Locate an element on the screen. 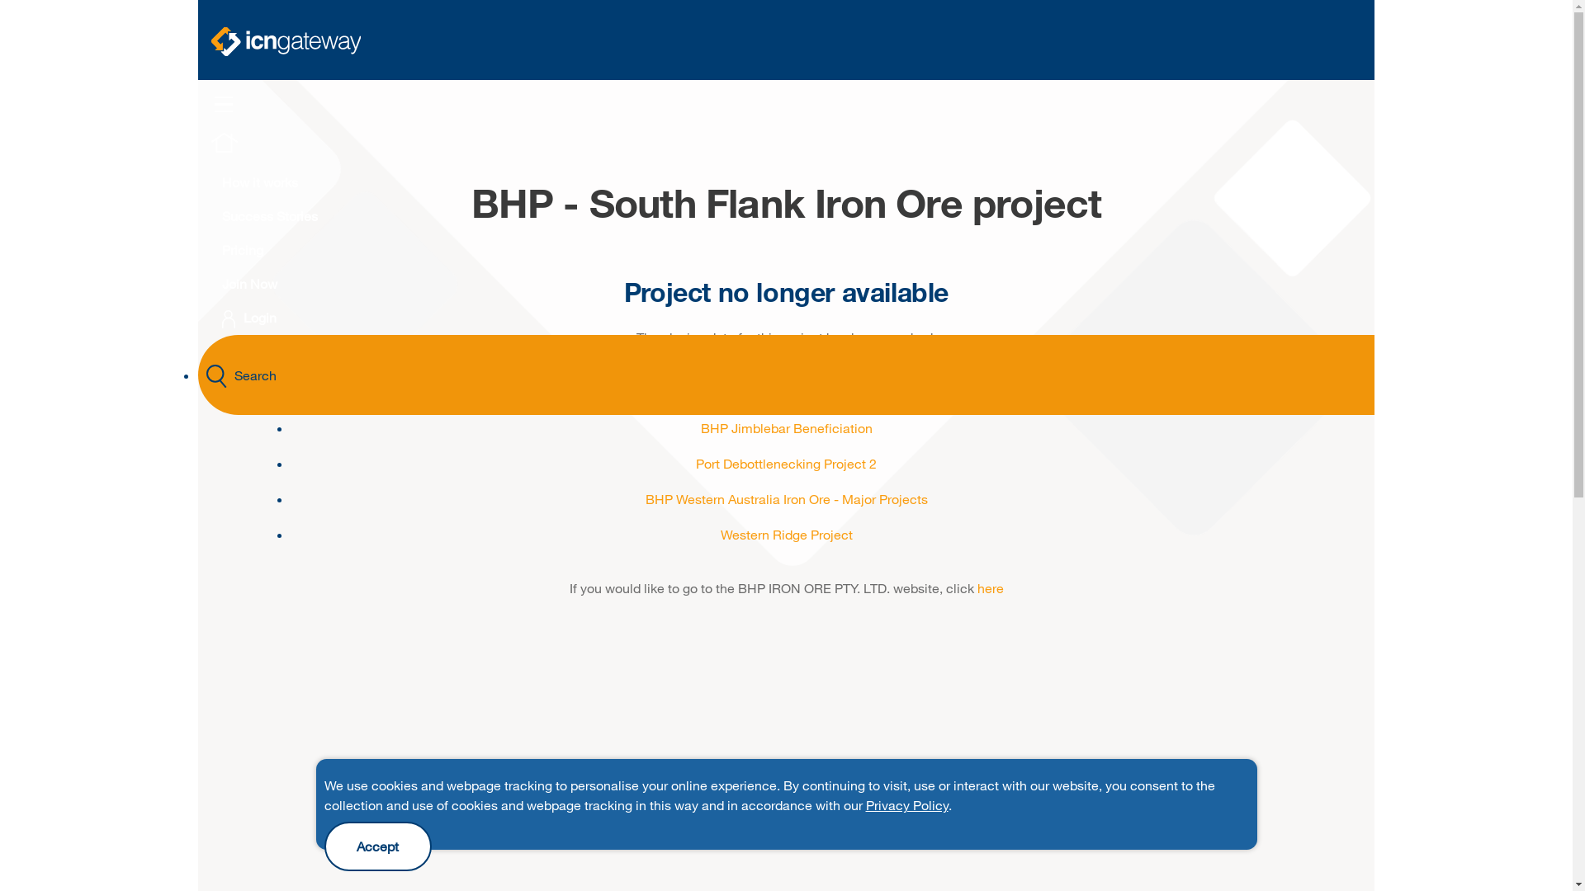  'here' is located at coordinates (991, 587).